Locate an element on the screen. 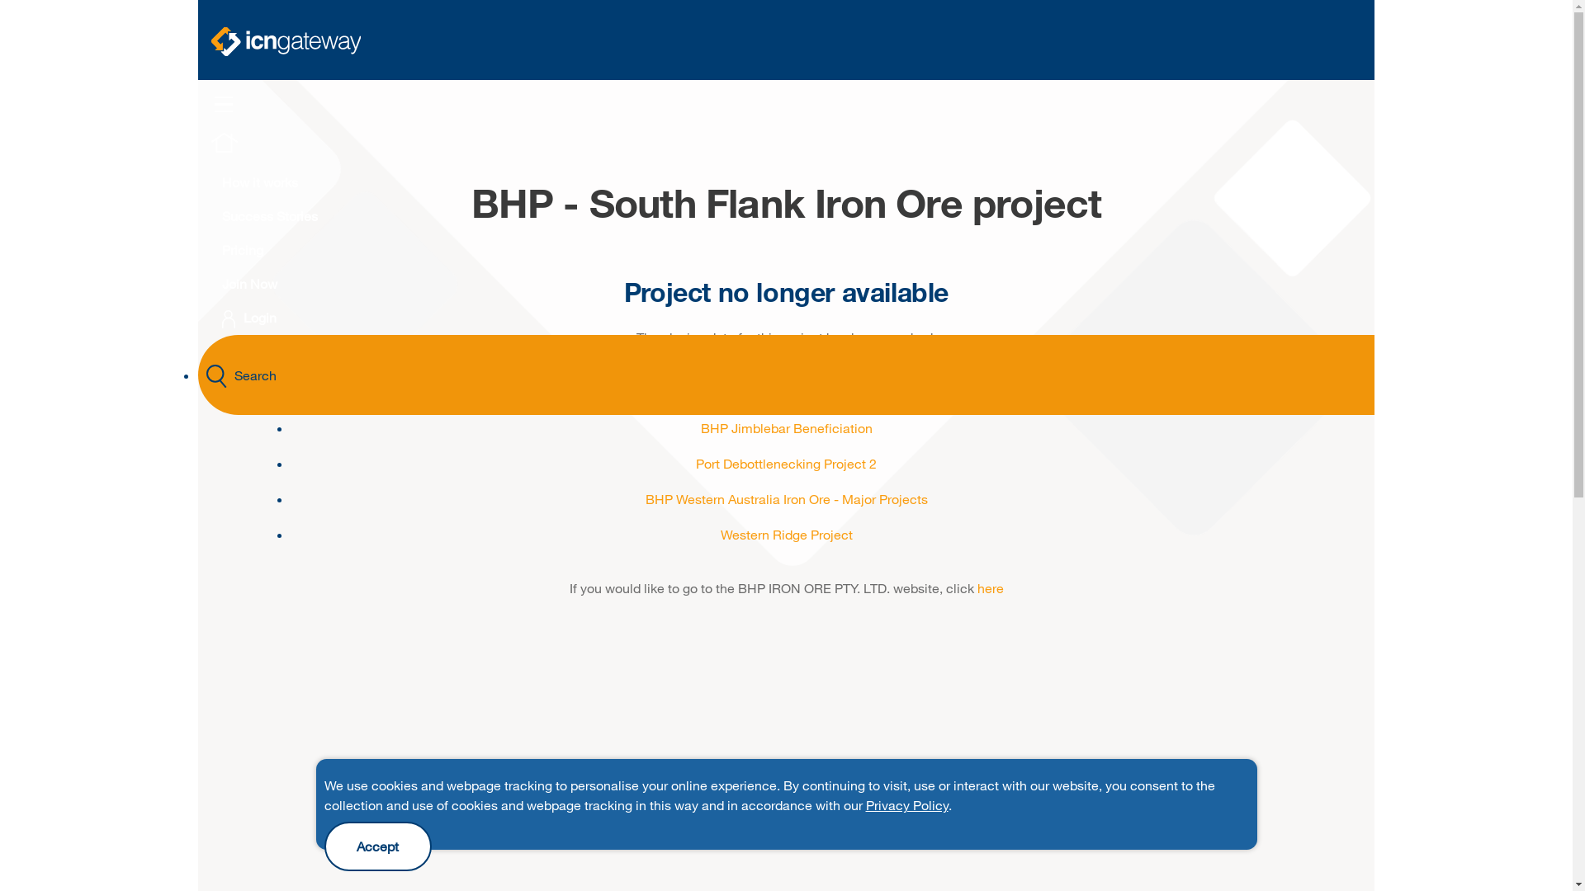  'here' is located at coordinates (991, 587).